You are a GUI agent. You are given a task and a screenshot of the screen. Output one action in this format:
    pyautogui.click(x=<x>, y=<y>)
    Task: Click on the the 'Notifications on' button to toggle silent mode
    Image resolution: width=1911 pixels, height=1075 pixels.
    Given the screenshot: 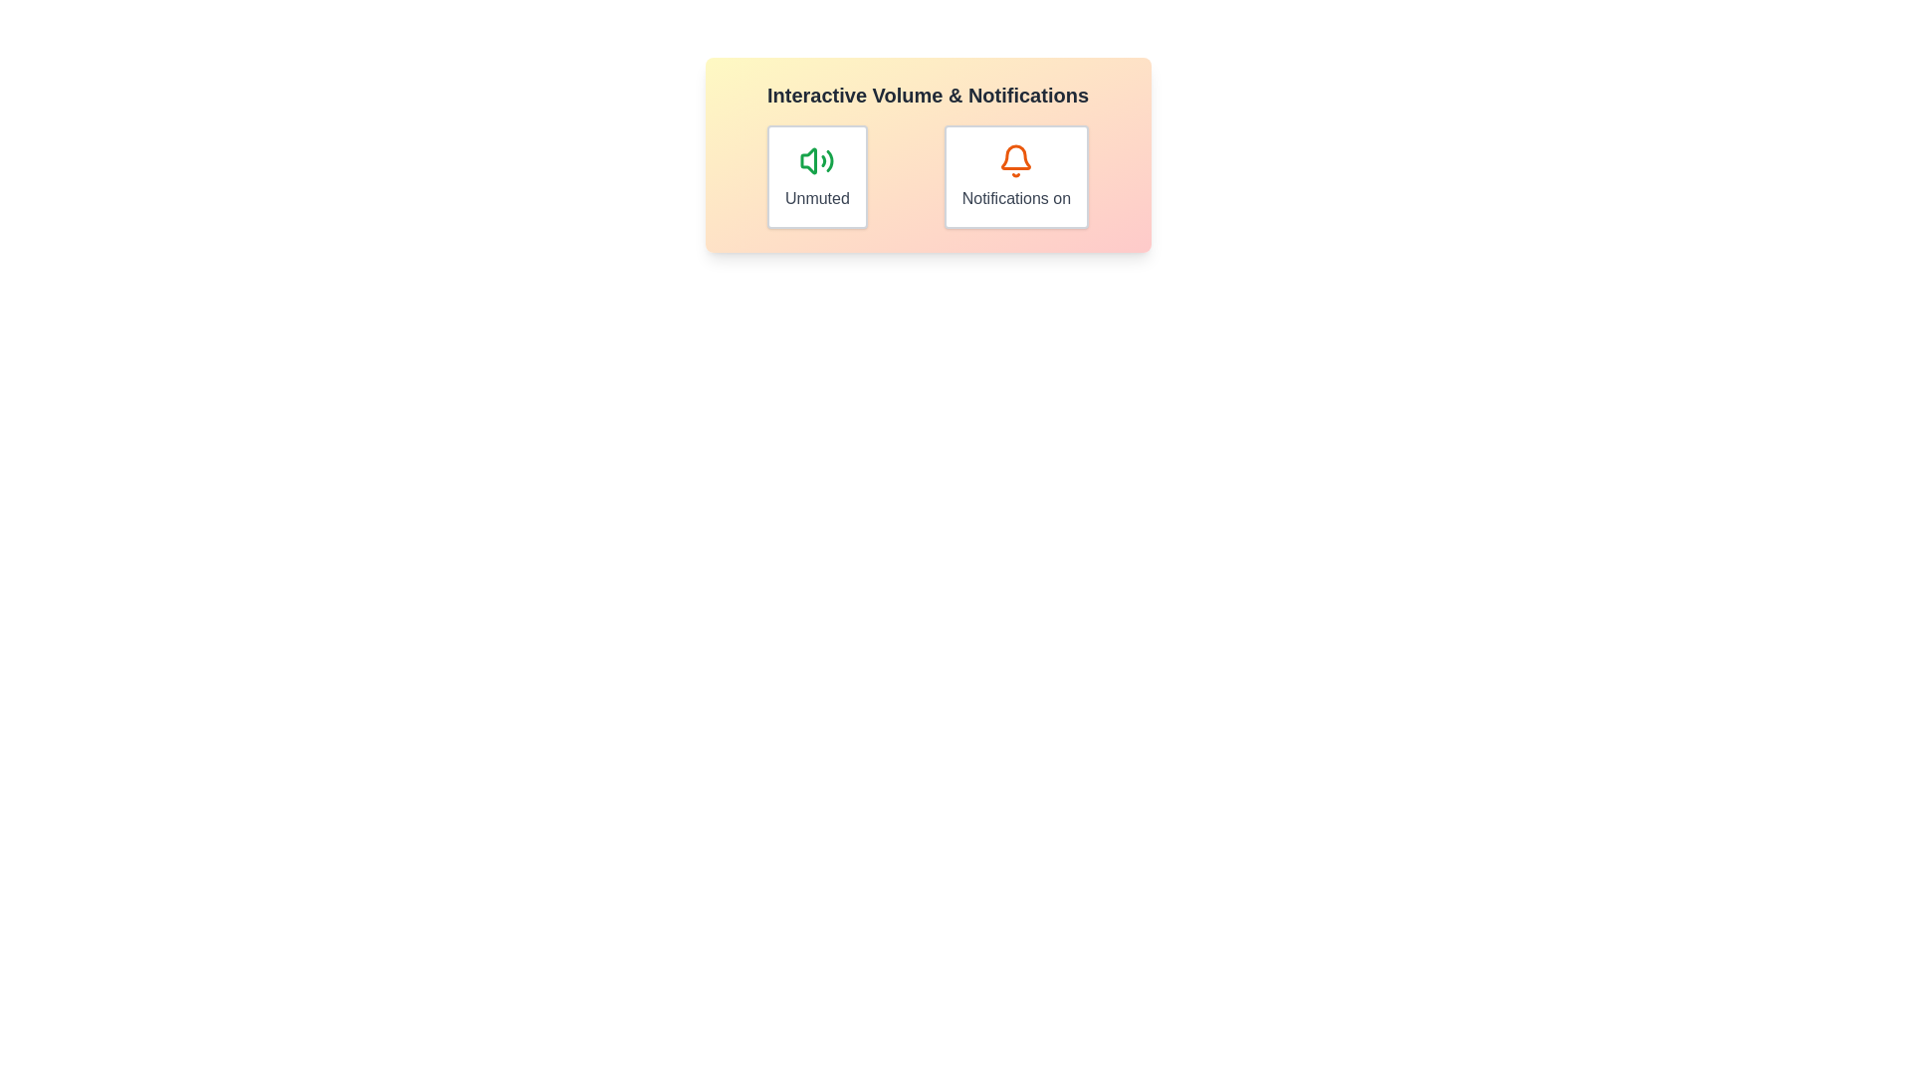 What is the action you would take?
    pyautogui.click(x=1016, y=175)
    